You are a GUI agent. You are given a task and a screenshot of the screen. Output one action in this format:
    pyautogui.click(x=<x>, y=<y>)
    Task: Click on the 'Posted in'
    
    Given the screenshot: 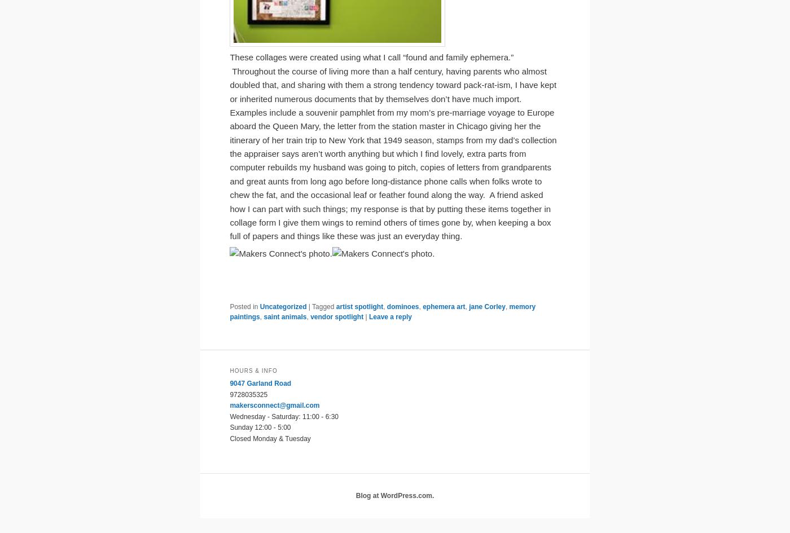 What is the action you would take?
    pyautogui.click(x=244, y=307)
    